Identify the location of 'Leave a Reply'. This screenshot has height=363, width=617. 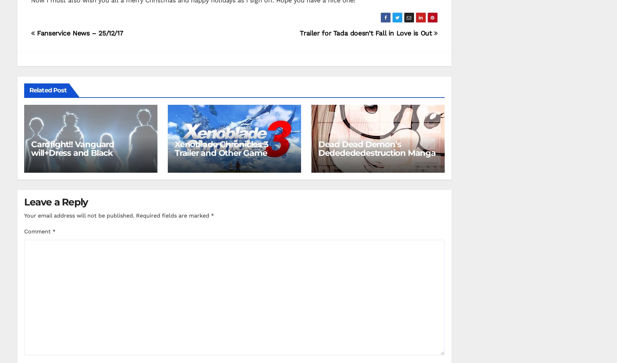
(56, 202).